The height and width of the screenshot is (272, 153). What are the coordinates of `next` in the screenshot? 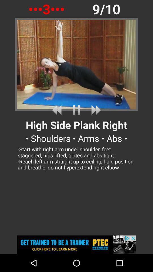 It's located at (95, 110).